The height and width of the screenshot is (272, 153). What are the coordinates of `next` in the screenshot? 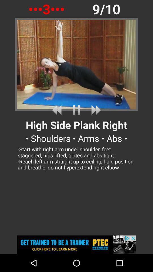 It's located at (95, 110).